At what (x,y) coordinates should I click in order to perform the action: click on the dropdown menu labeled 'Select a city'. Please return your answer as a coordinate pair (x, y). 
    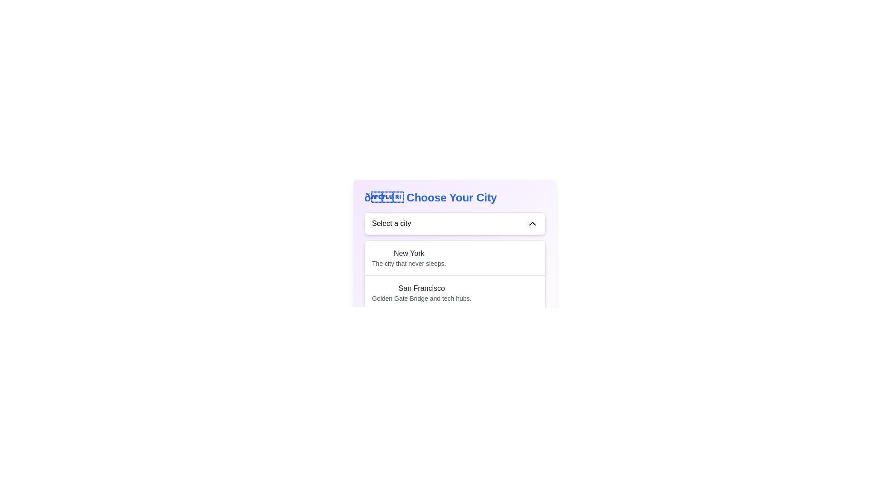
    Looking at the image, I should click on (455, 224).